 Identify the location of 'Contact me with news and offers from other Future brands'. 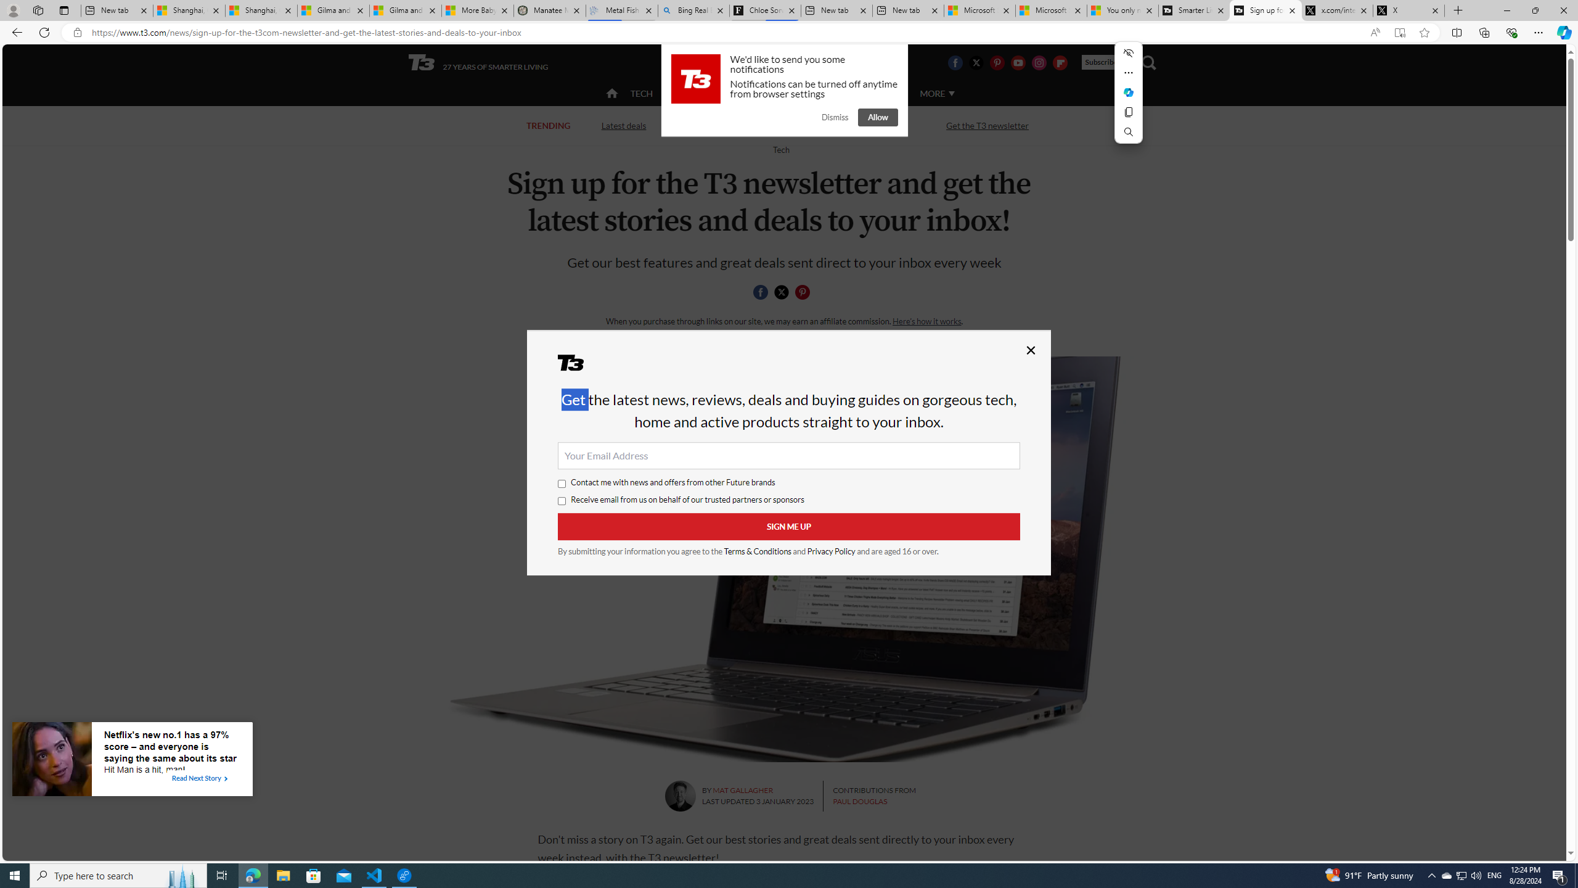
(562, 483).